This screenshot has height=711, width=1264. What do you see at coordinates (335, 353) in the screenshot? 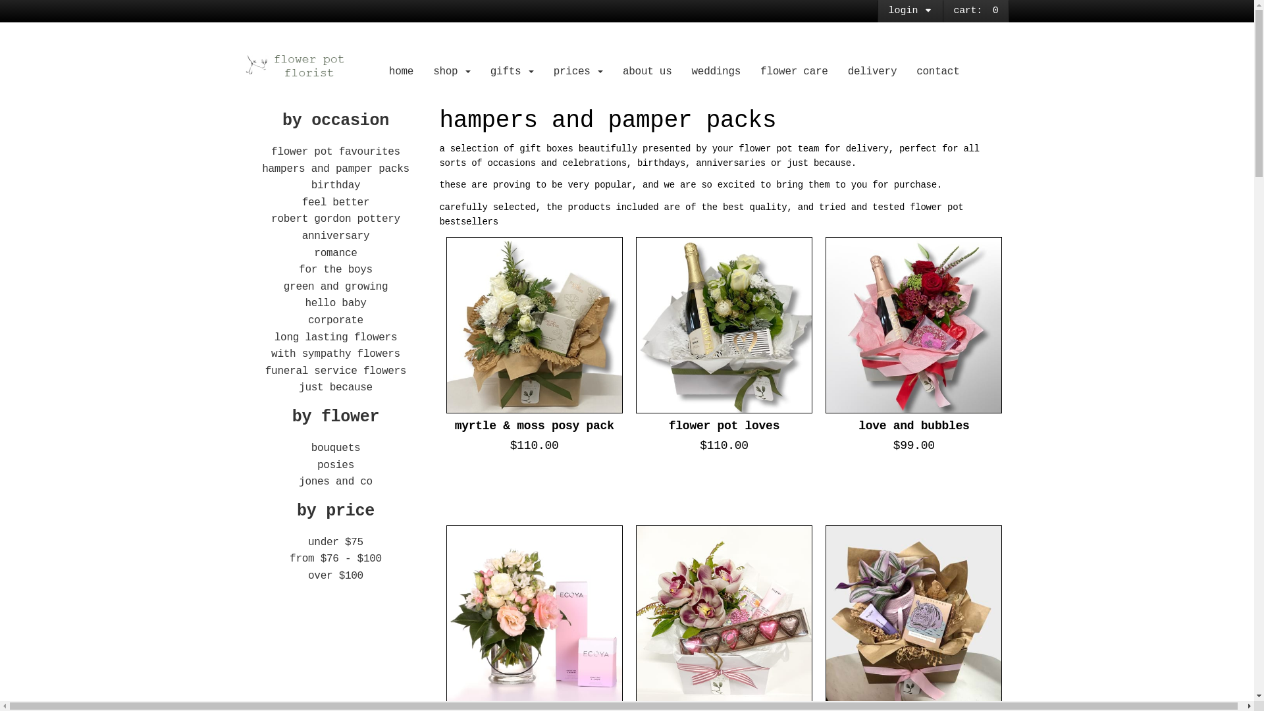
I see `'with sympathy flowers'` at bounding box center [335, 353].